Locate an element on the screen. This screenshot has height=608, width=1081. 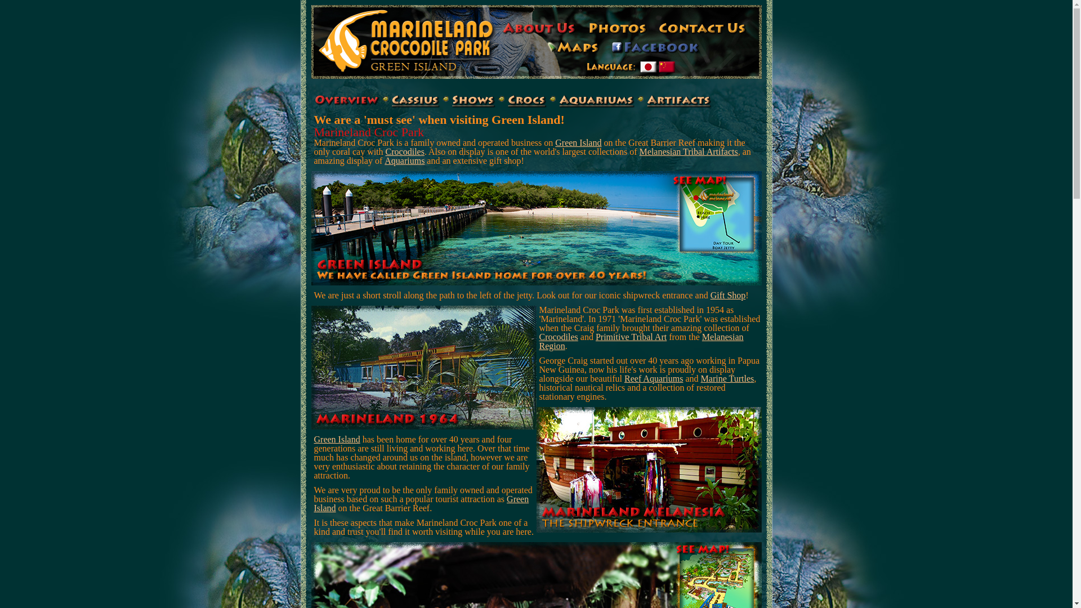
'Marine Turtles' is located at coordinates (727, 378).